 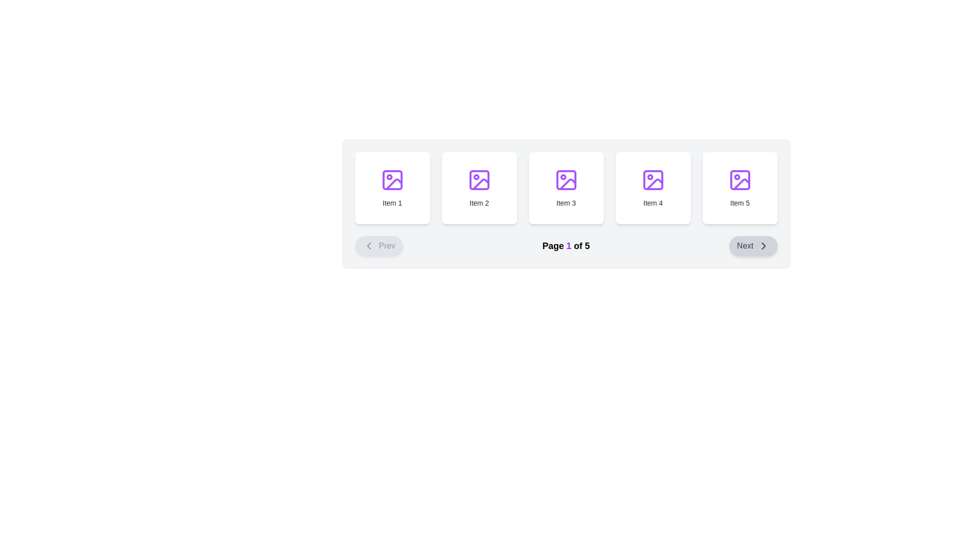 I want to click on the card labeled 'Item 1', which is the first card in a grid layout, featuring a purple image icon at the top and a white background with rounded corners, so click(x=392, y=188).